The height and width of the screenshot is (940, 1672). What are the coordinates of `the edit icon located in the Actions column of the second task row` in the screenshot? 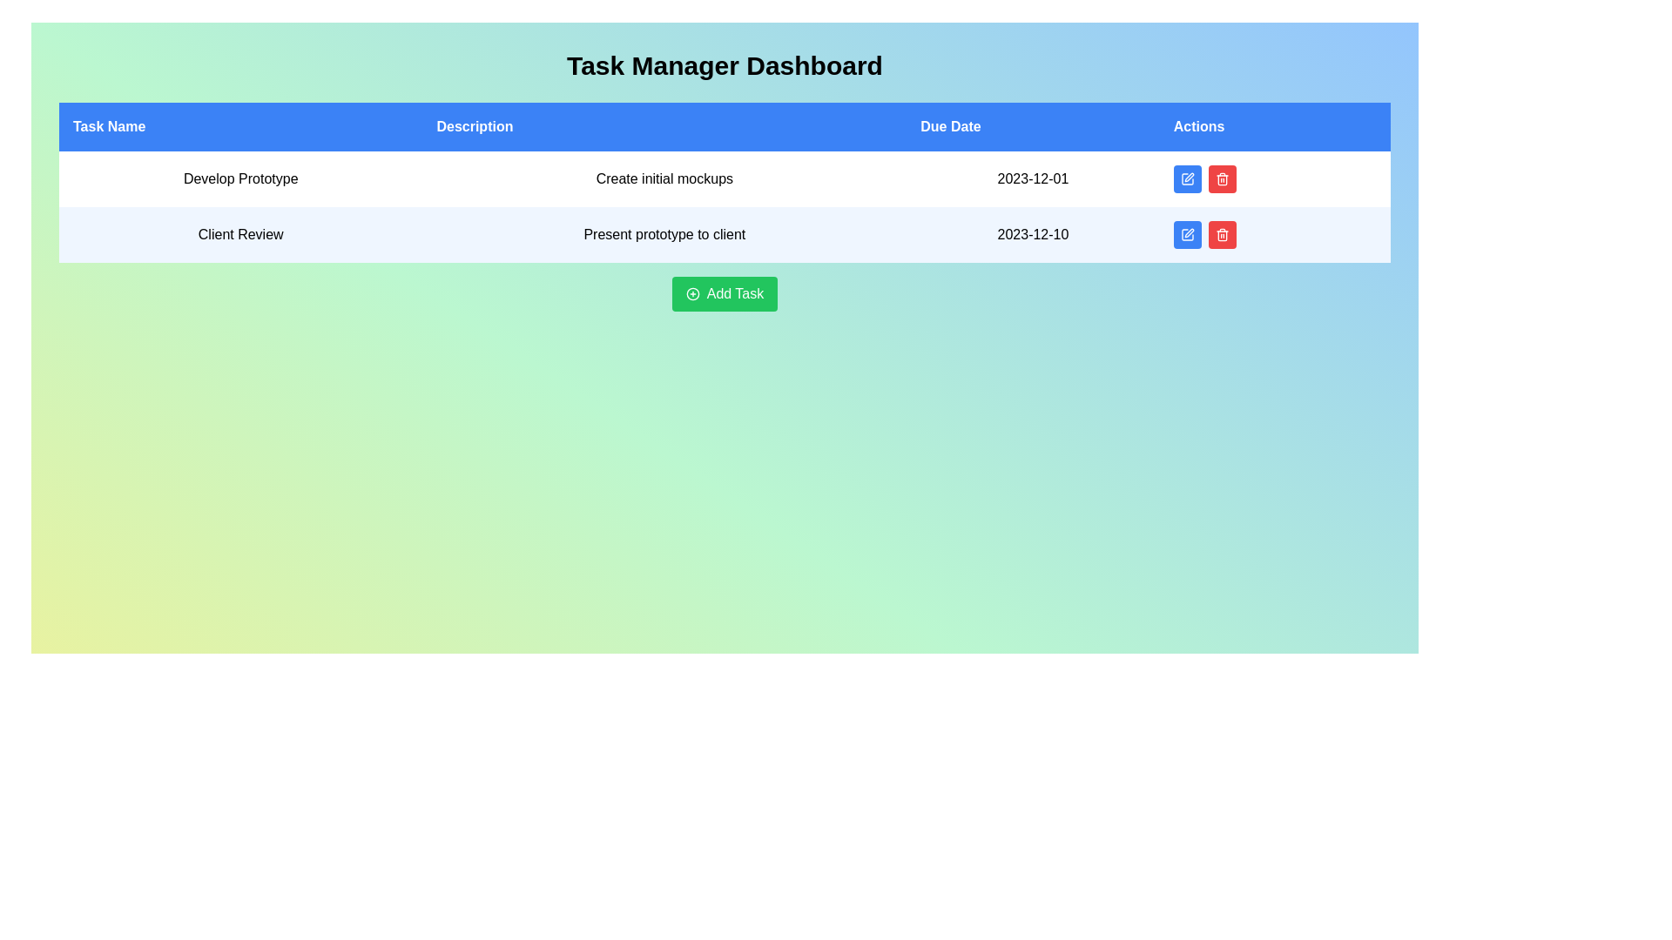 It's located at (1186, 235).